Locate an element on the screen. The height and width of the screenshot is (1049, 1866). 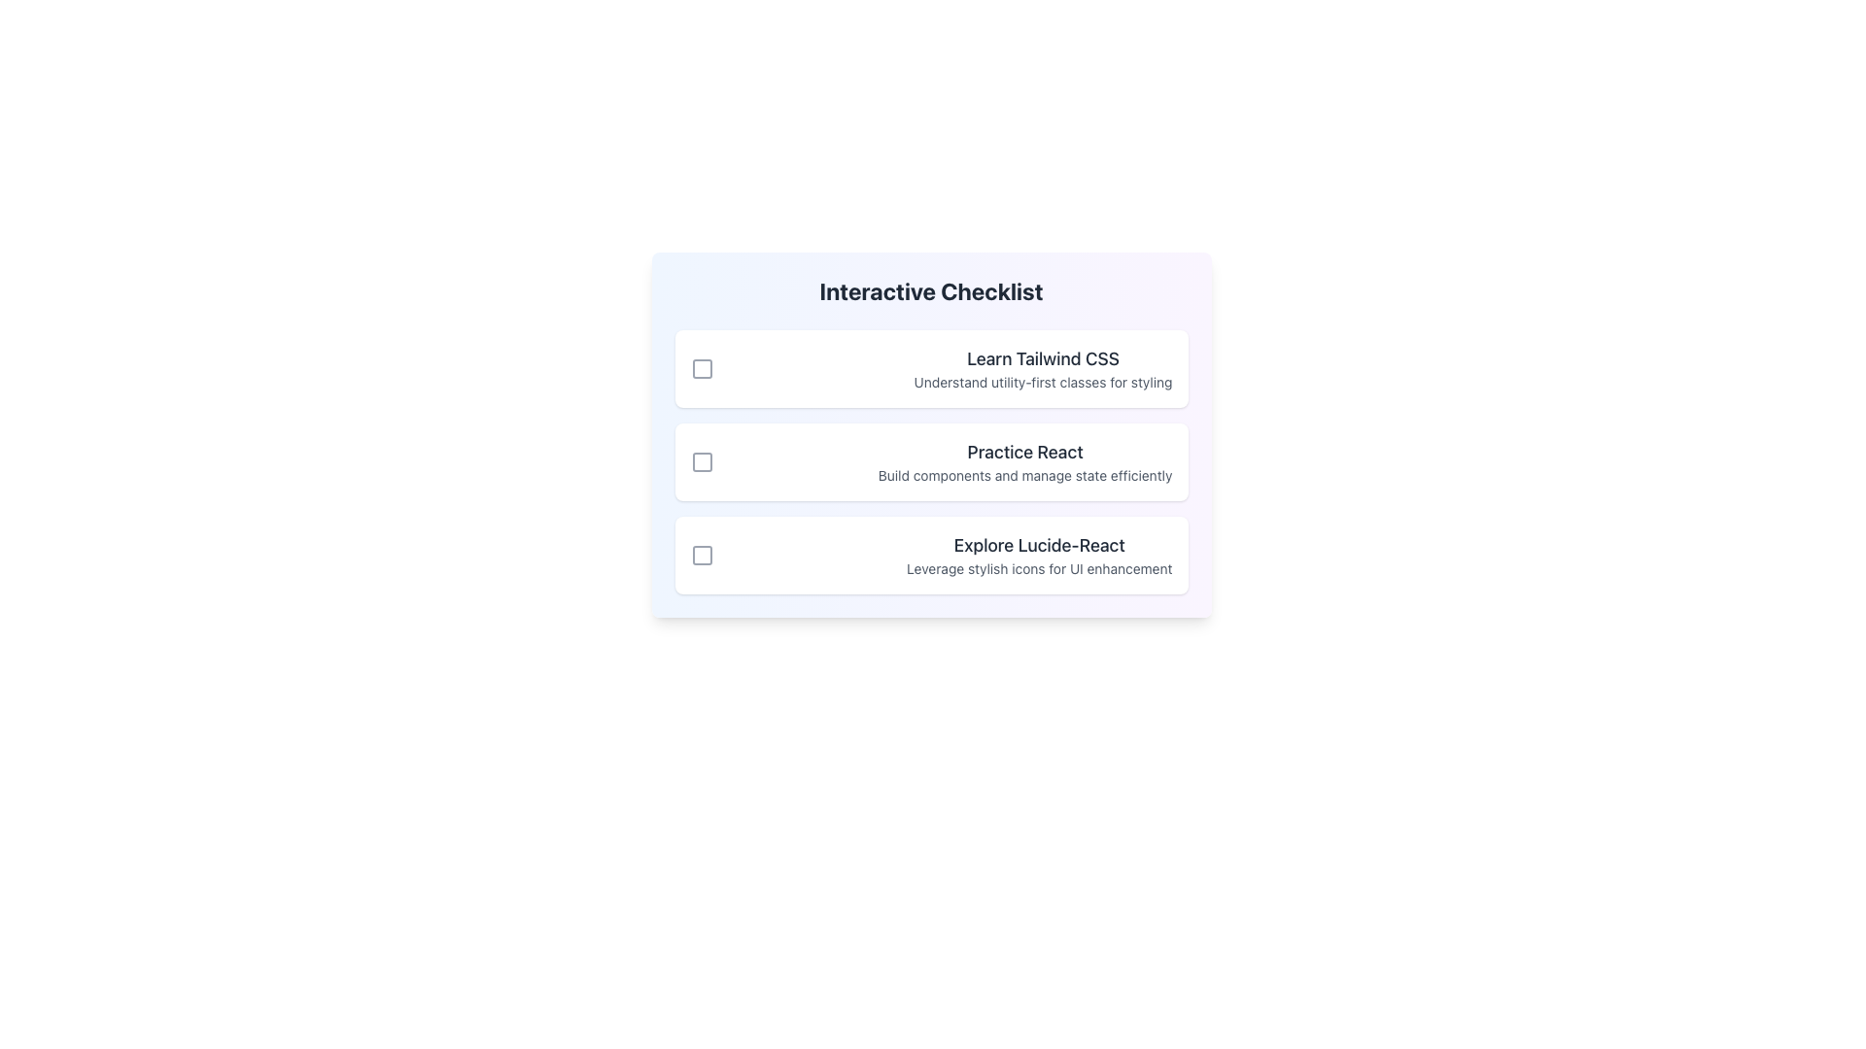
the first checkbox in the 'Interactive Checklist' is located at coordinates (701, 369).